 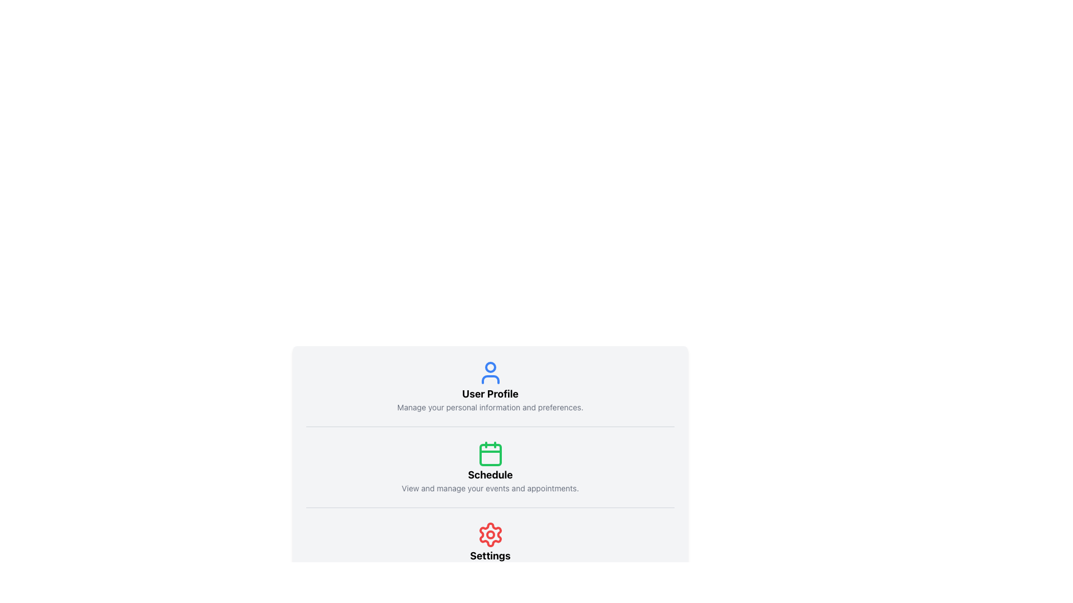 I want to click on the text line styled in gray containing 'Adjust configurations and preferences.', which is positioned directly below the 'Settings' label and the red gear icon, so click(x=490, y=569).